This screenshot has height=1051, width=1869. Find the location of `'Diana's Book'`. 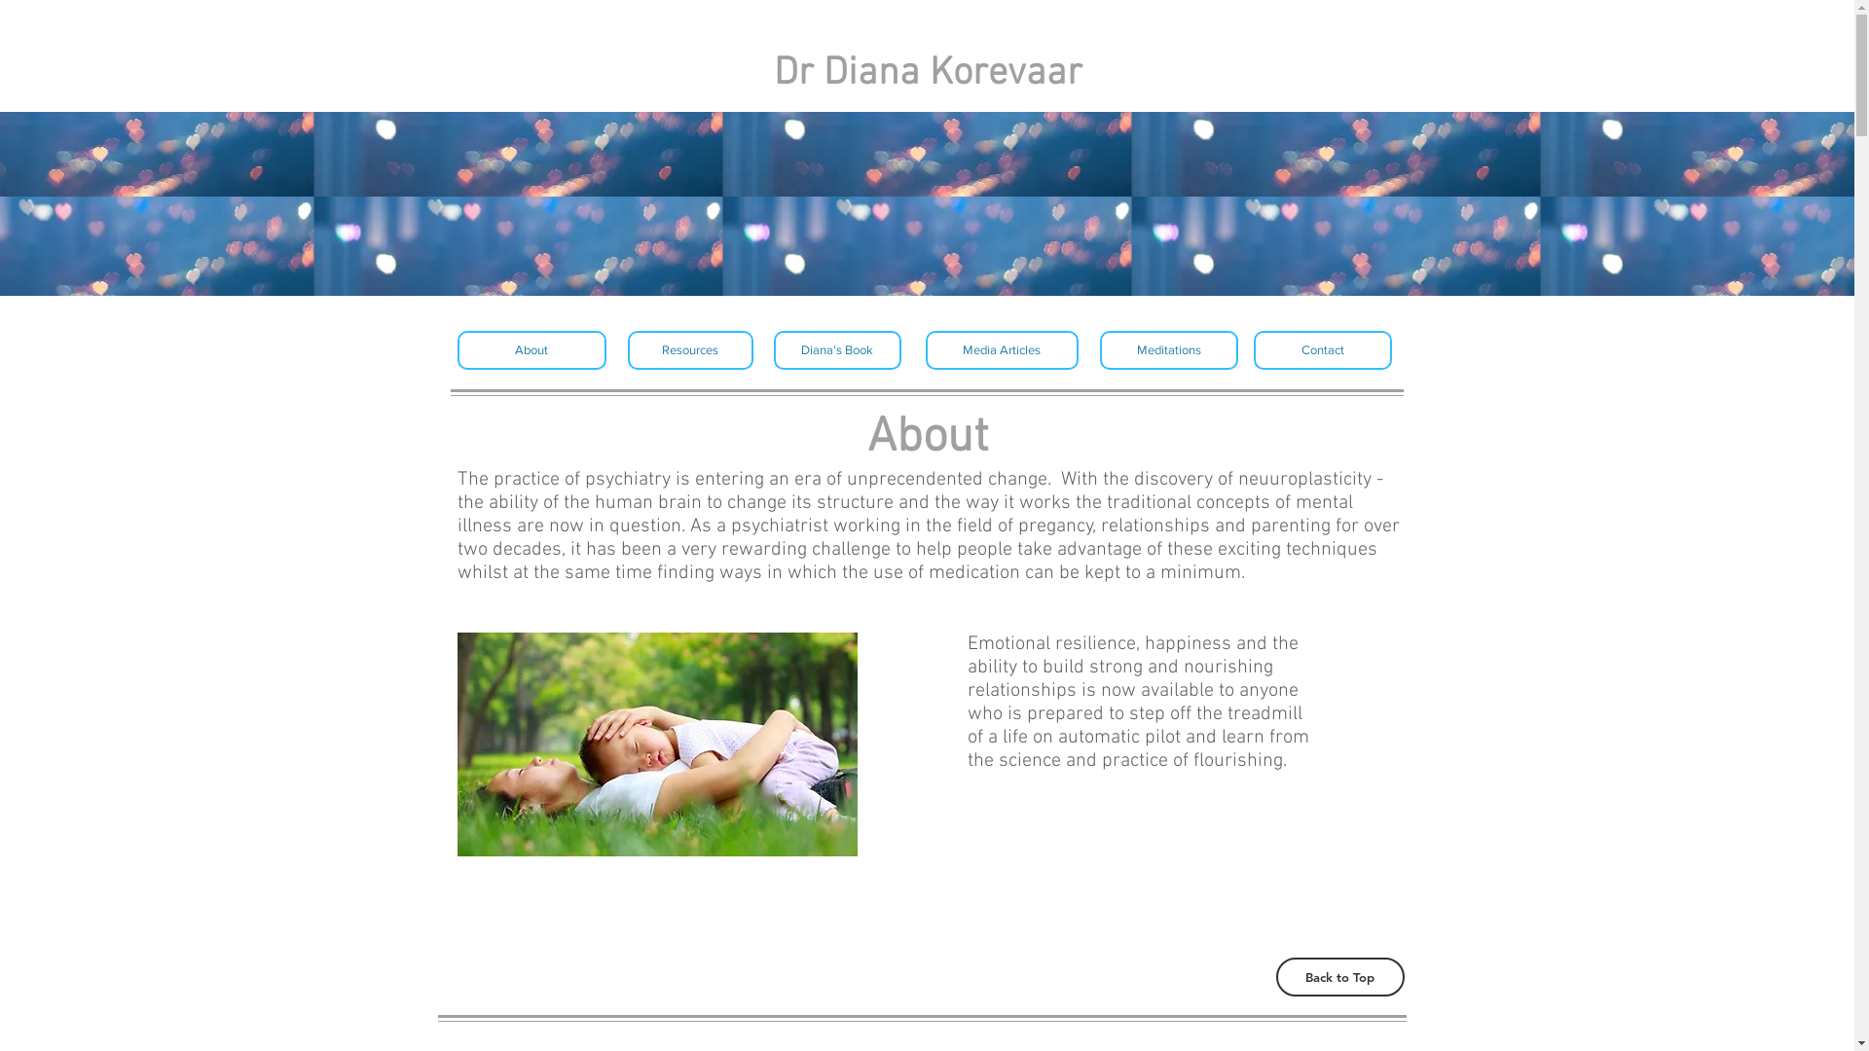

'Diana's Book' is located at coordinates (836, 348).